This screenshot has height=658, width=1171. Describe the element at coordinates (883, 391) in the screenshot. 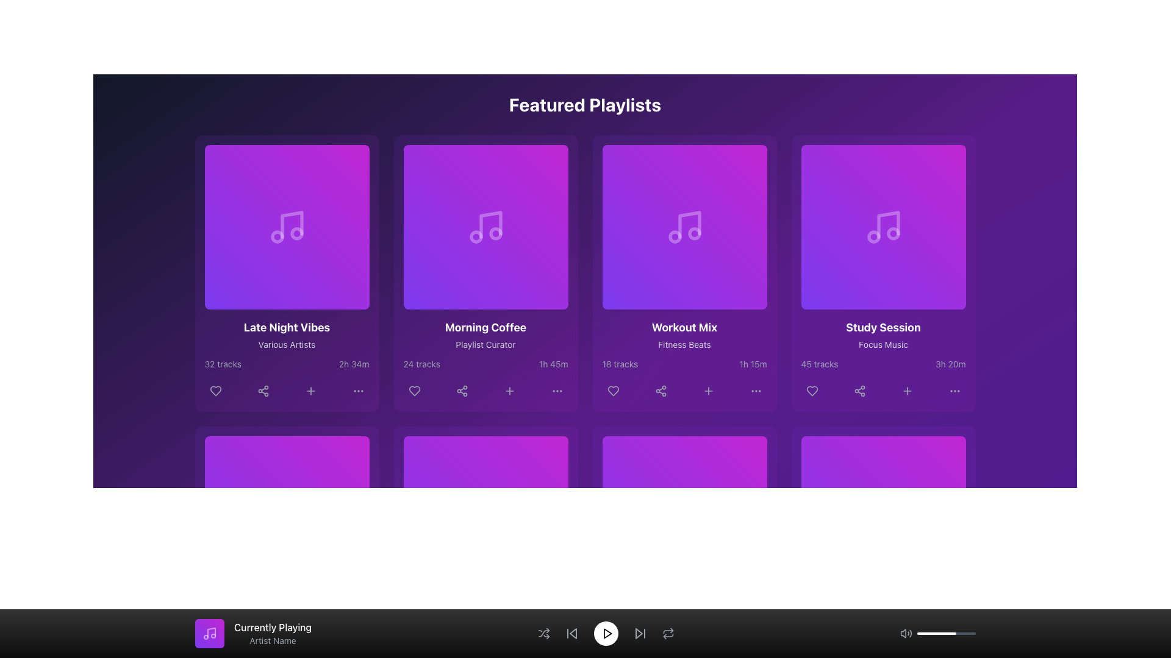

I see `the grouped interactive control containing buttons located at the bottom section of the 'Study Session' playlist card` at that location.